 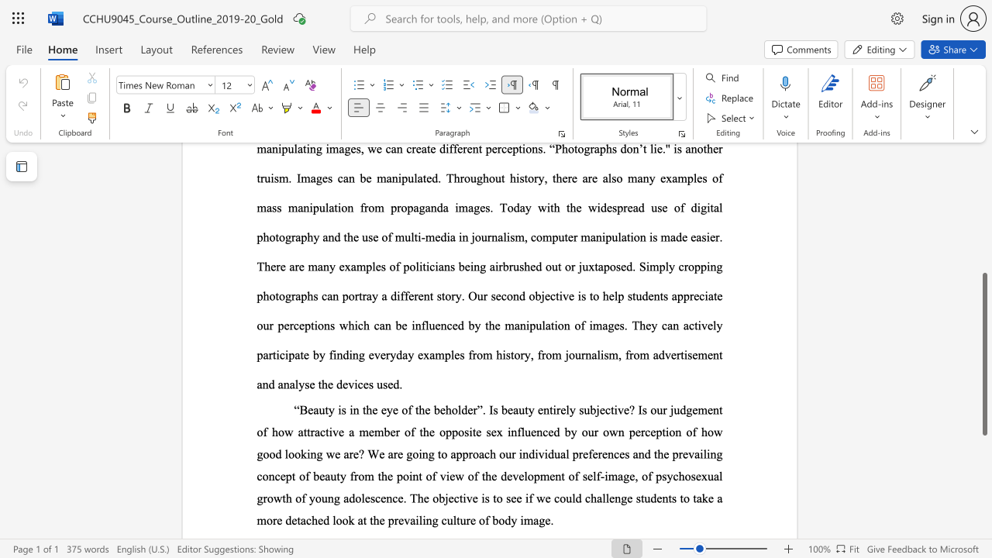 I want to click on the scrollbar and move up 320 pixels, so click(x=983, y=354).